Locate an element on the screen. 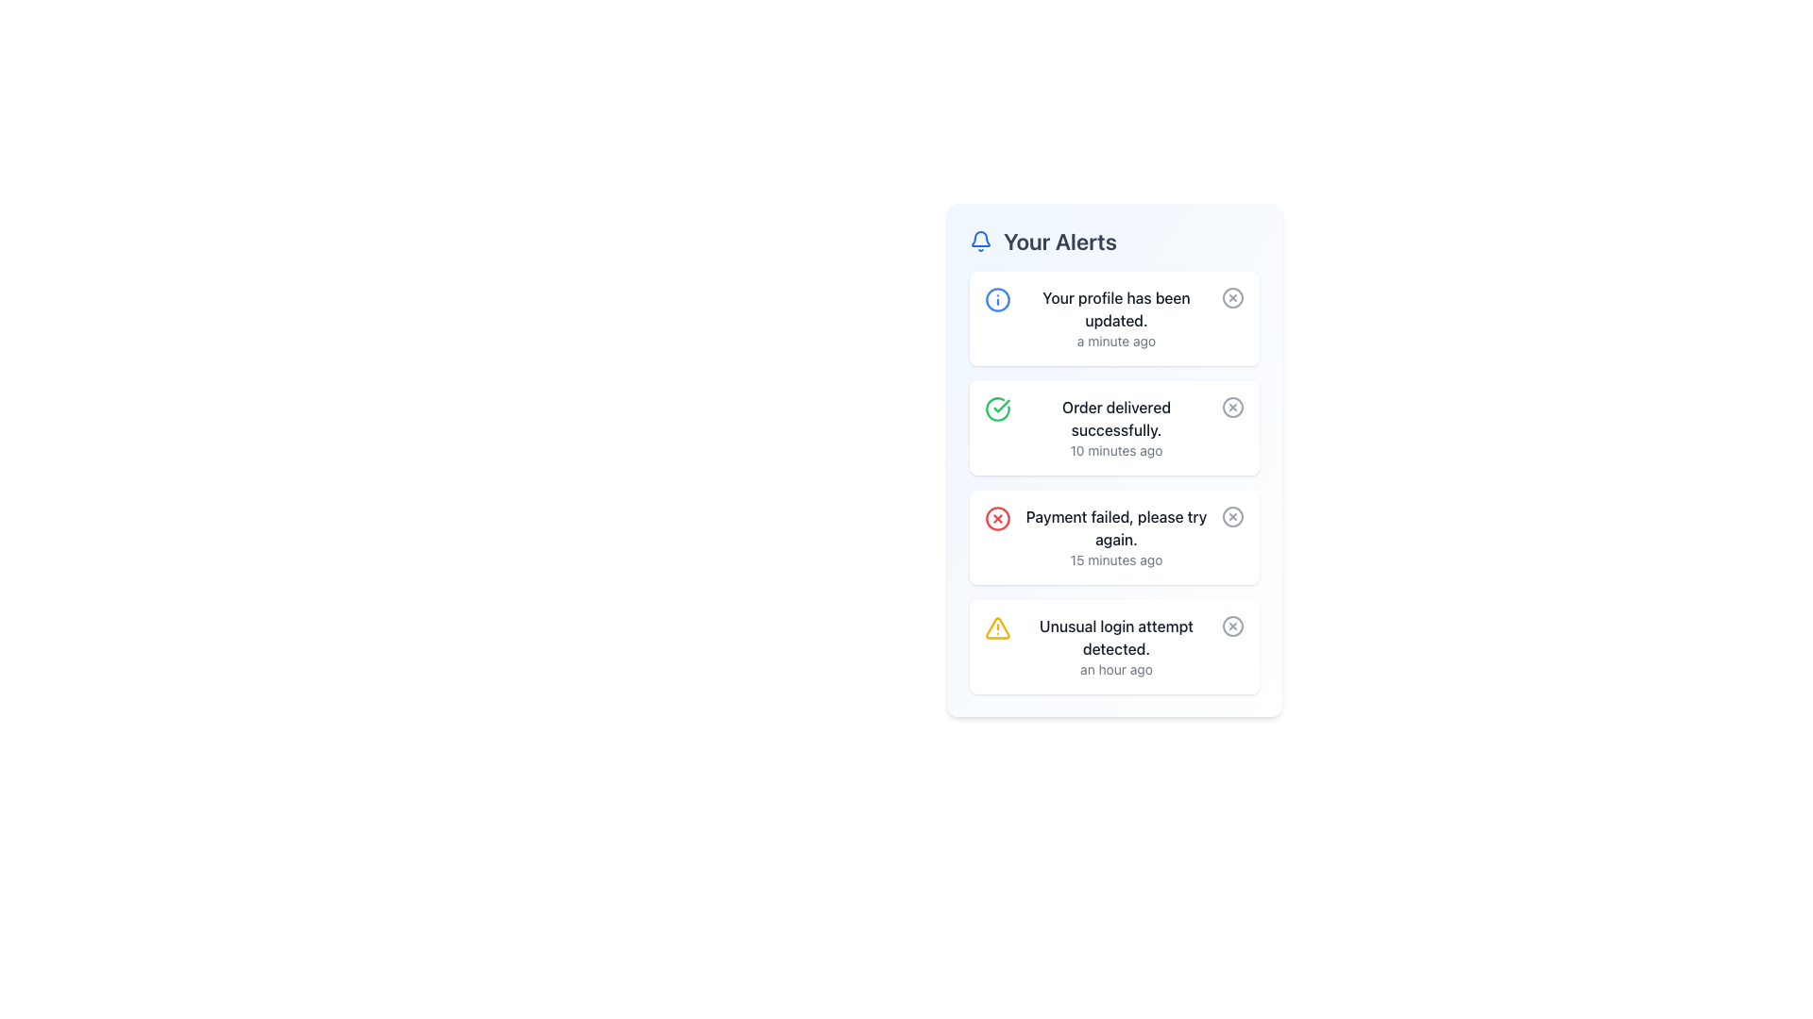  the text label that displays 'a minute ago', which is styled in a smaller font size and gray color, located under the message 'Your profile has been updated.' in the first notification card of the 'Your Alerts' sidebar is located at coordinates (1116, 342).